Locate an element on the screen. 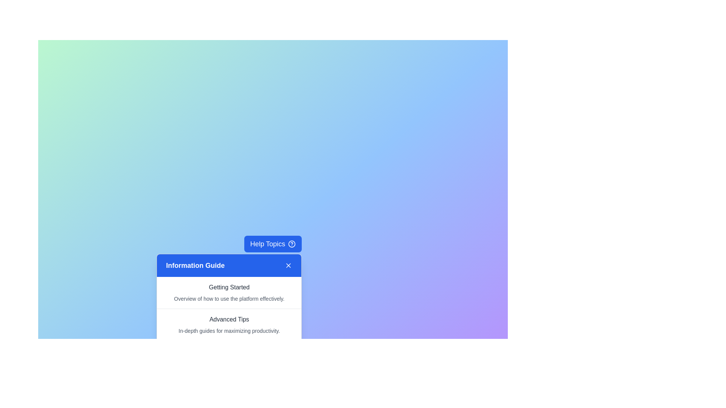 This screenshot has height=408, width=726. text element styled with a small font size and gray color that contains 'In-depth guides for maximizing productivity.' located below the heading 'Advanced Tips' in the 'Information Guide' popup is located at coordinates (229, 330).